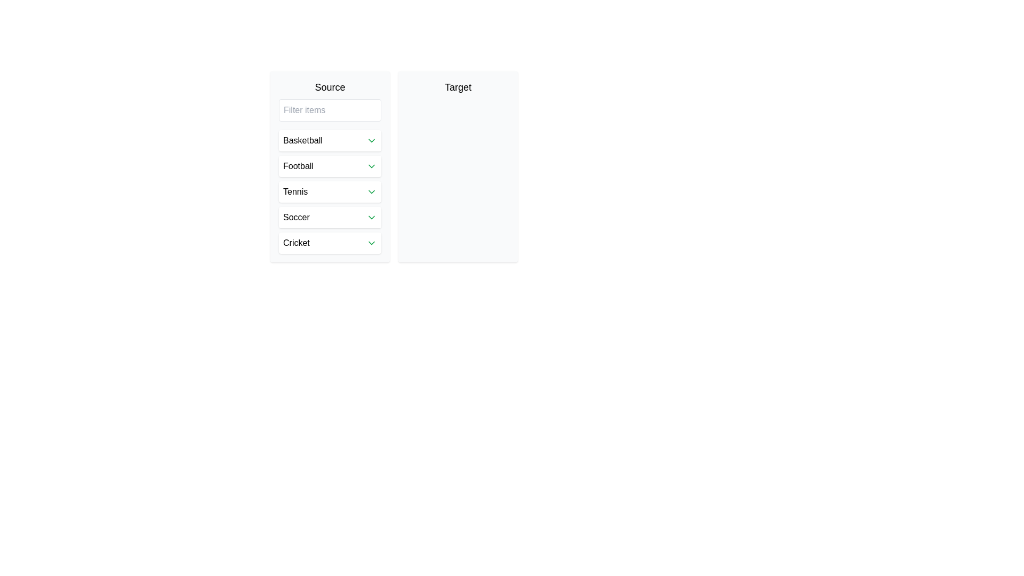 The image size is (1024, 576). What do you see at coordinates (330, 243) in the screenshot?
I see `the list item representing 'Cricket' in the 'Source' section's list of sports to activate hover effects` at bounding box center [330, 243].